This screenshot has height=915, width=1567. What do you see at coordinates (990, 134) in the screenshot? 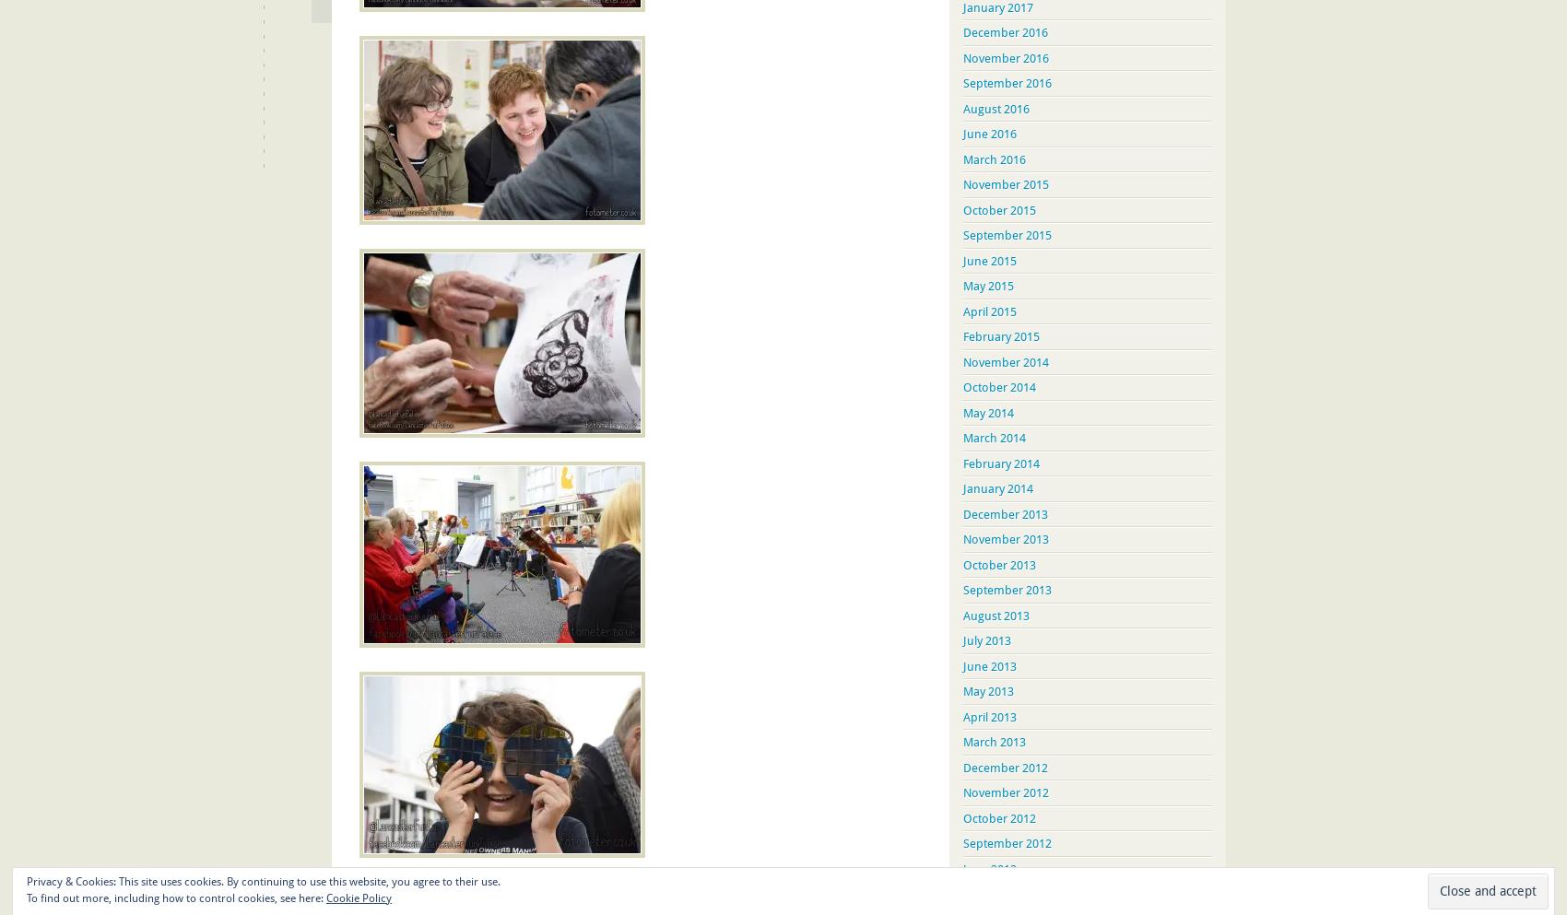
I see `'June 2016'` at bounding box center [990, 134].